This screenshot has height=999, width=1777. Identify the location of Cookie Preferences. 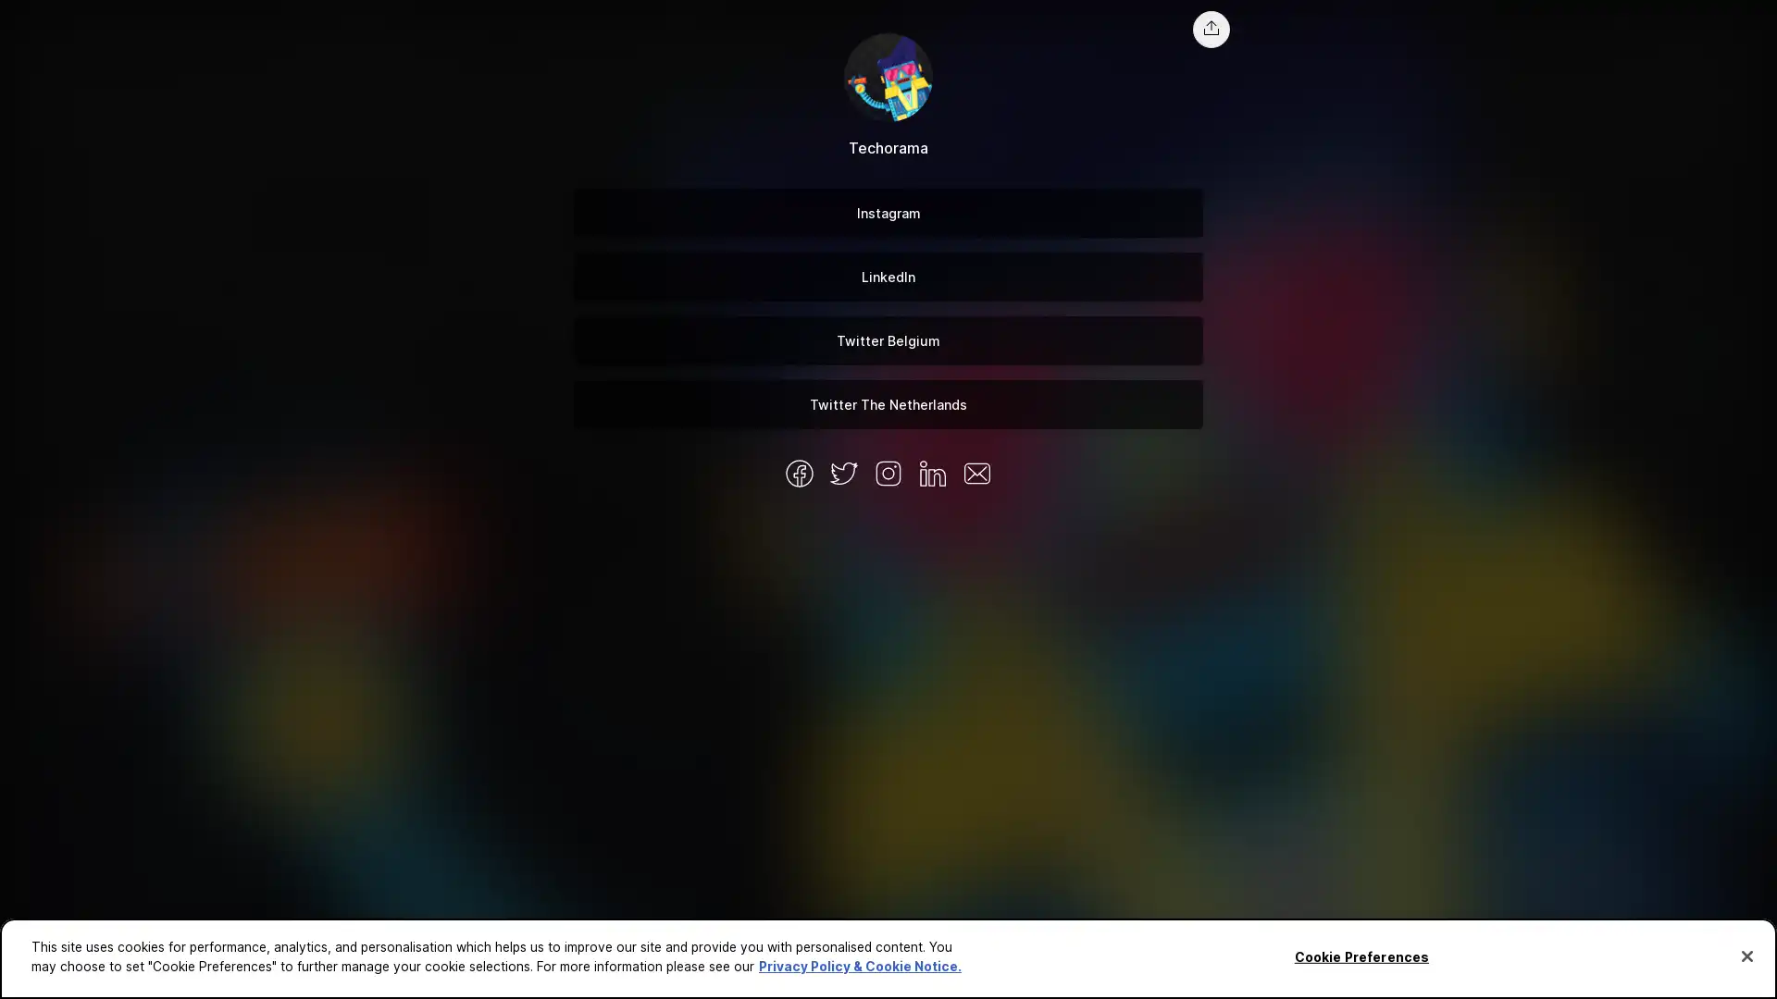
(1361, 956).